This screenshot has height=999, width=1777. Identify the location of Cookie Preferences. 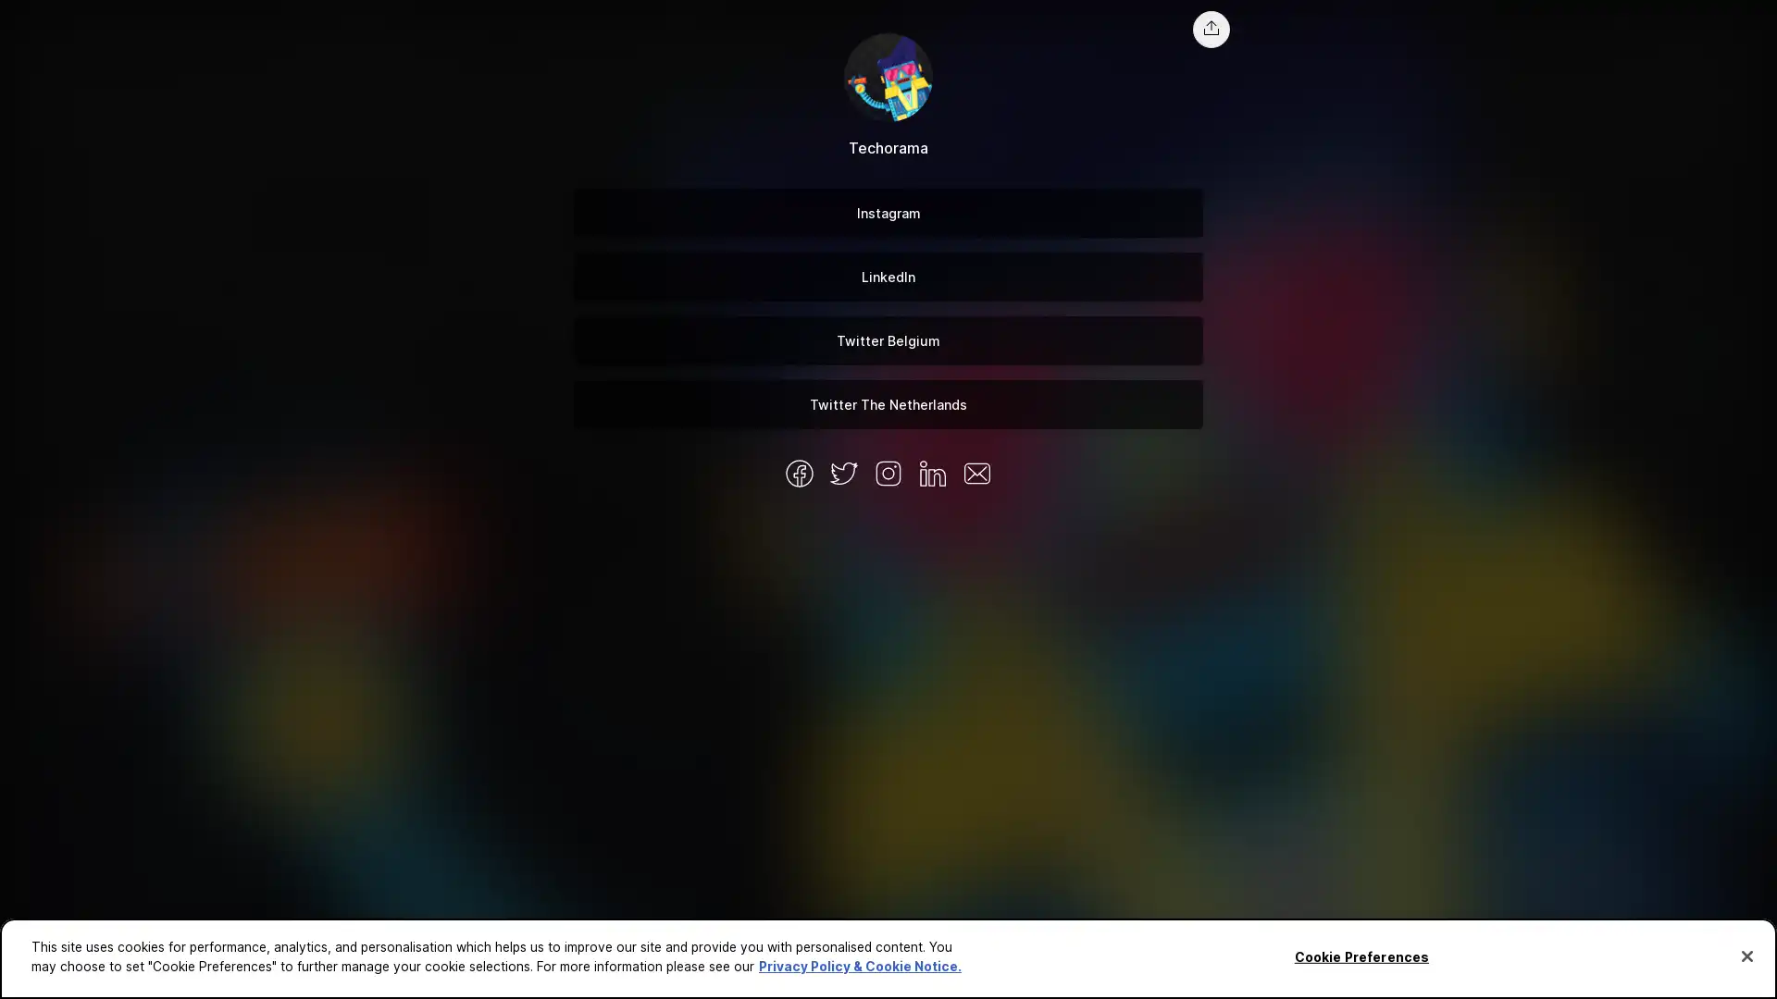
(1361, 956).